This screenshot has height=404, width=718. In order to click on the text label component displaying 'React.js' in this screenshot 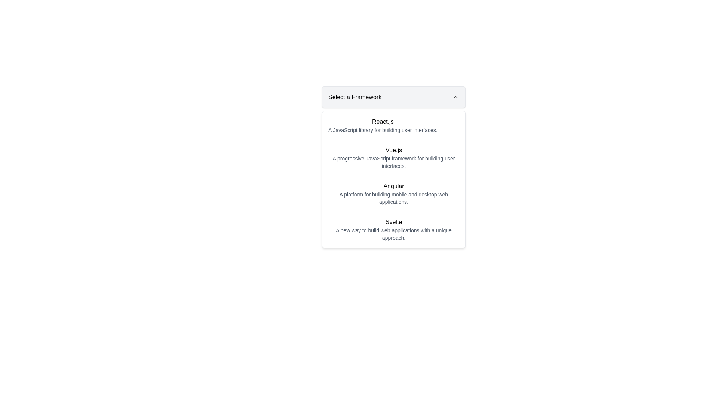, I will do `click(383, 125)`.